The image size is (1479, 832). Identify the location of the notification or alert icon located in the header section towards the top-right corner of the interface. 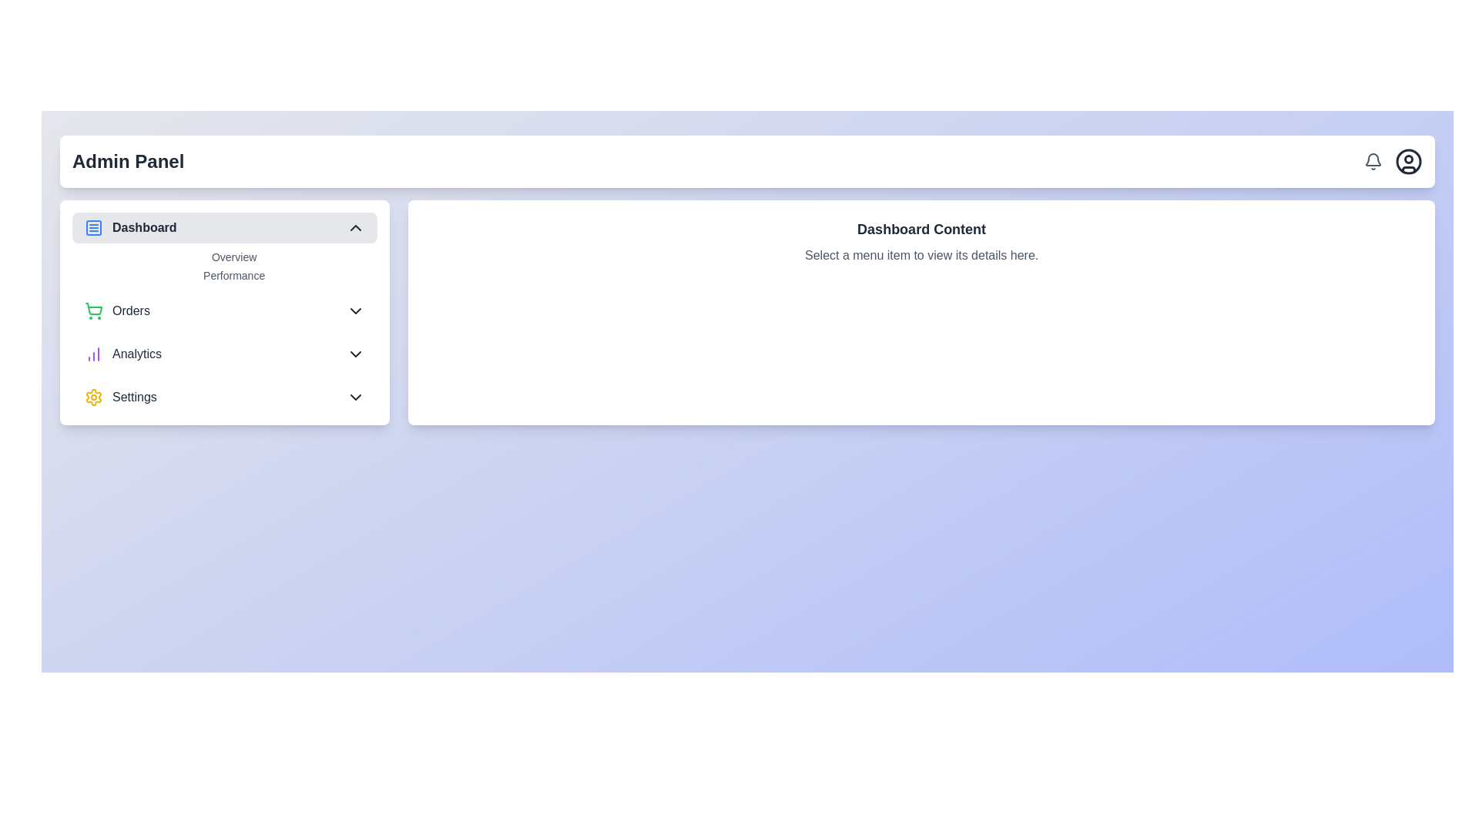
(1373, 159).